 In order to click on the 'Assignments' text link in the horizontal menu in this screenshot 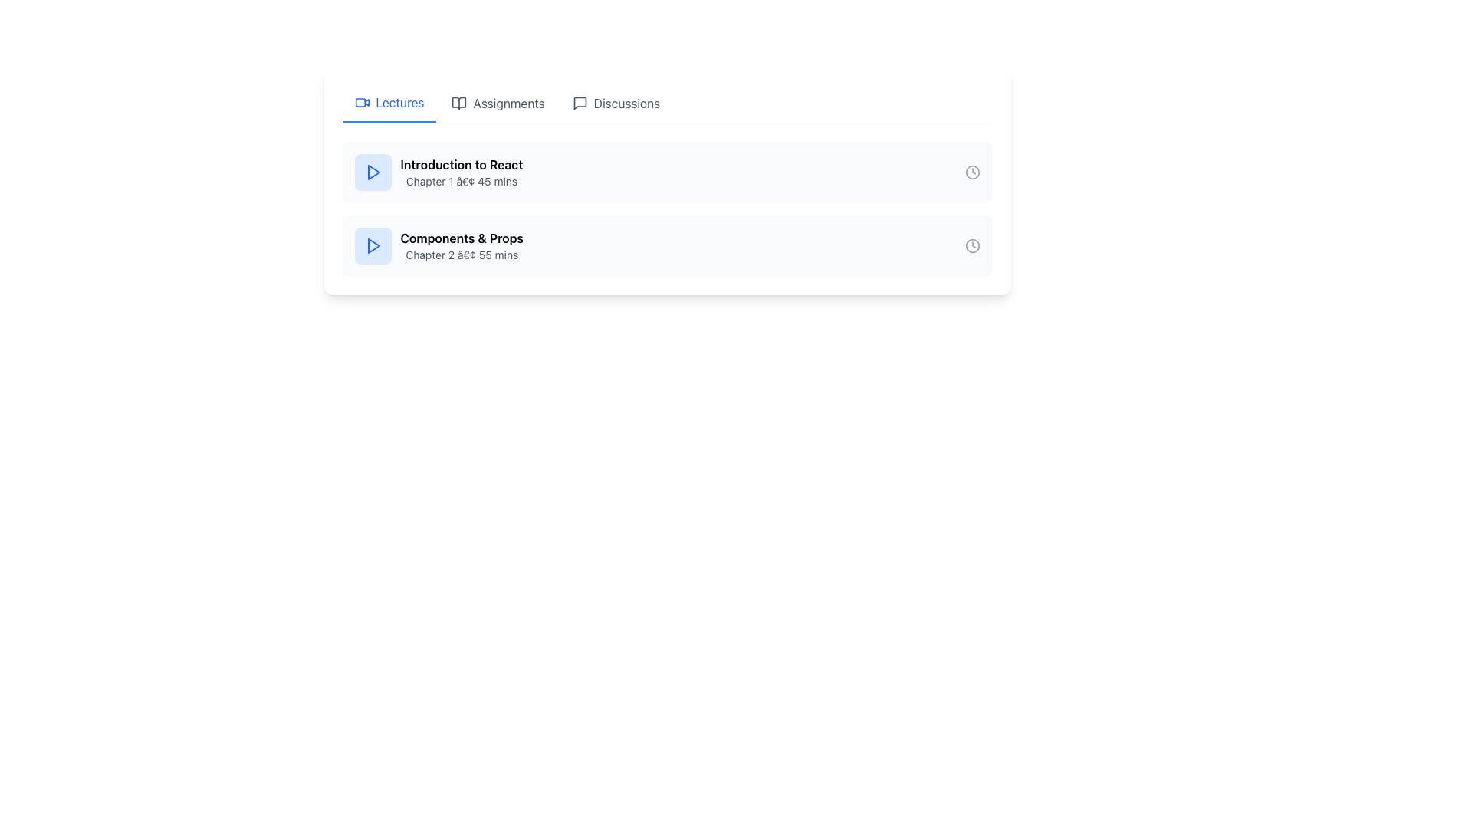, I will do `click(509, 103)`.